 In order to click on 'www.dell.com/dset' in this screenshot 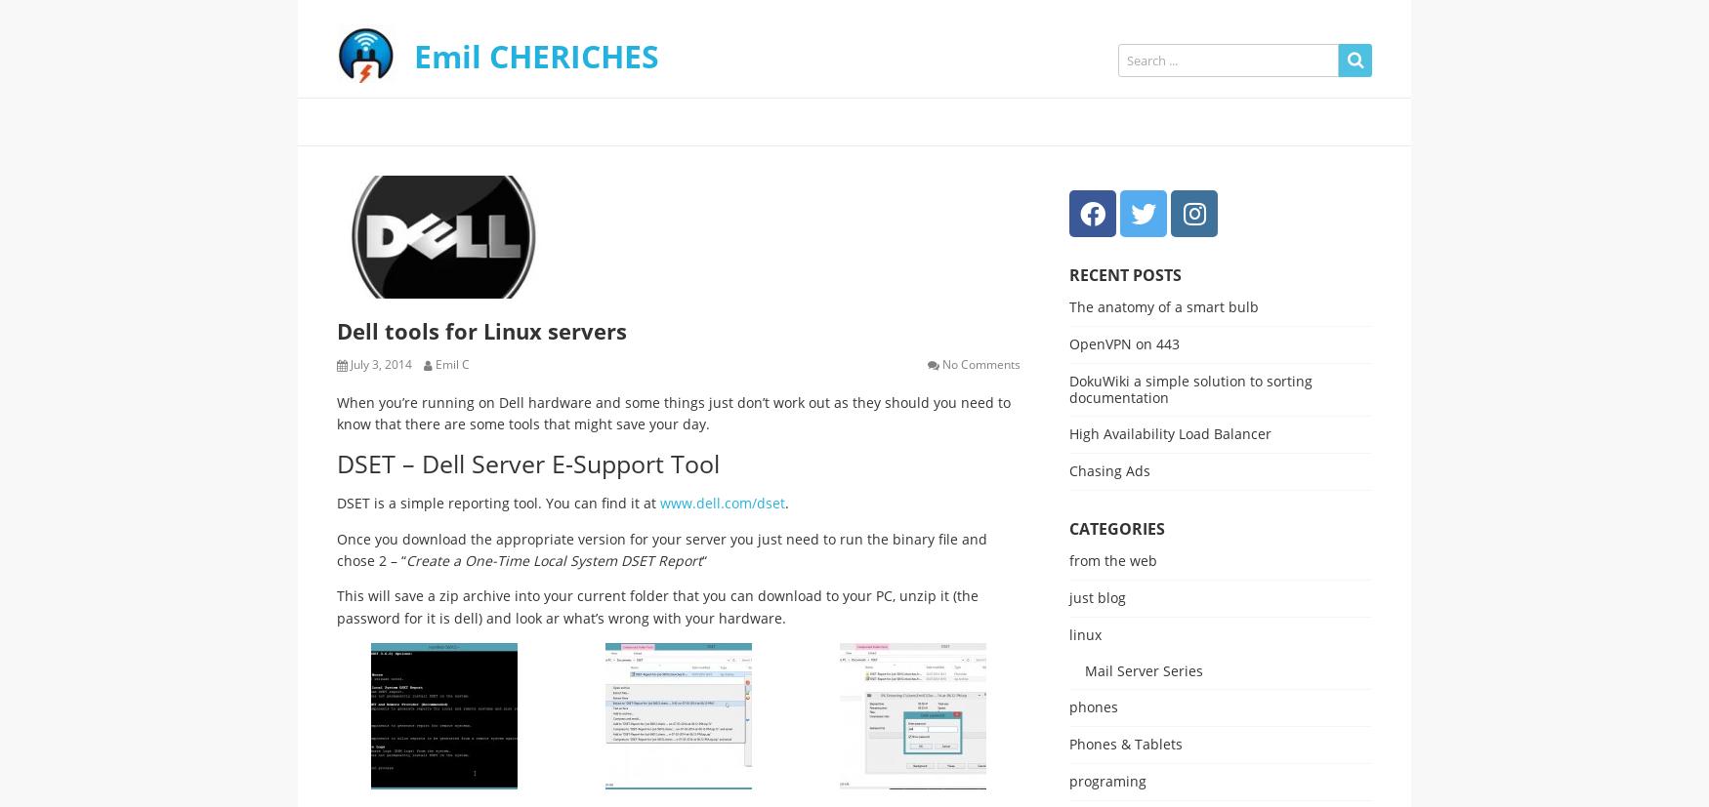, I will do `click(723, 503)`.